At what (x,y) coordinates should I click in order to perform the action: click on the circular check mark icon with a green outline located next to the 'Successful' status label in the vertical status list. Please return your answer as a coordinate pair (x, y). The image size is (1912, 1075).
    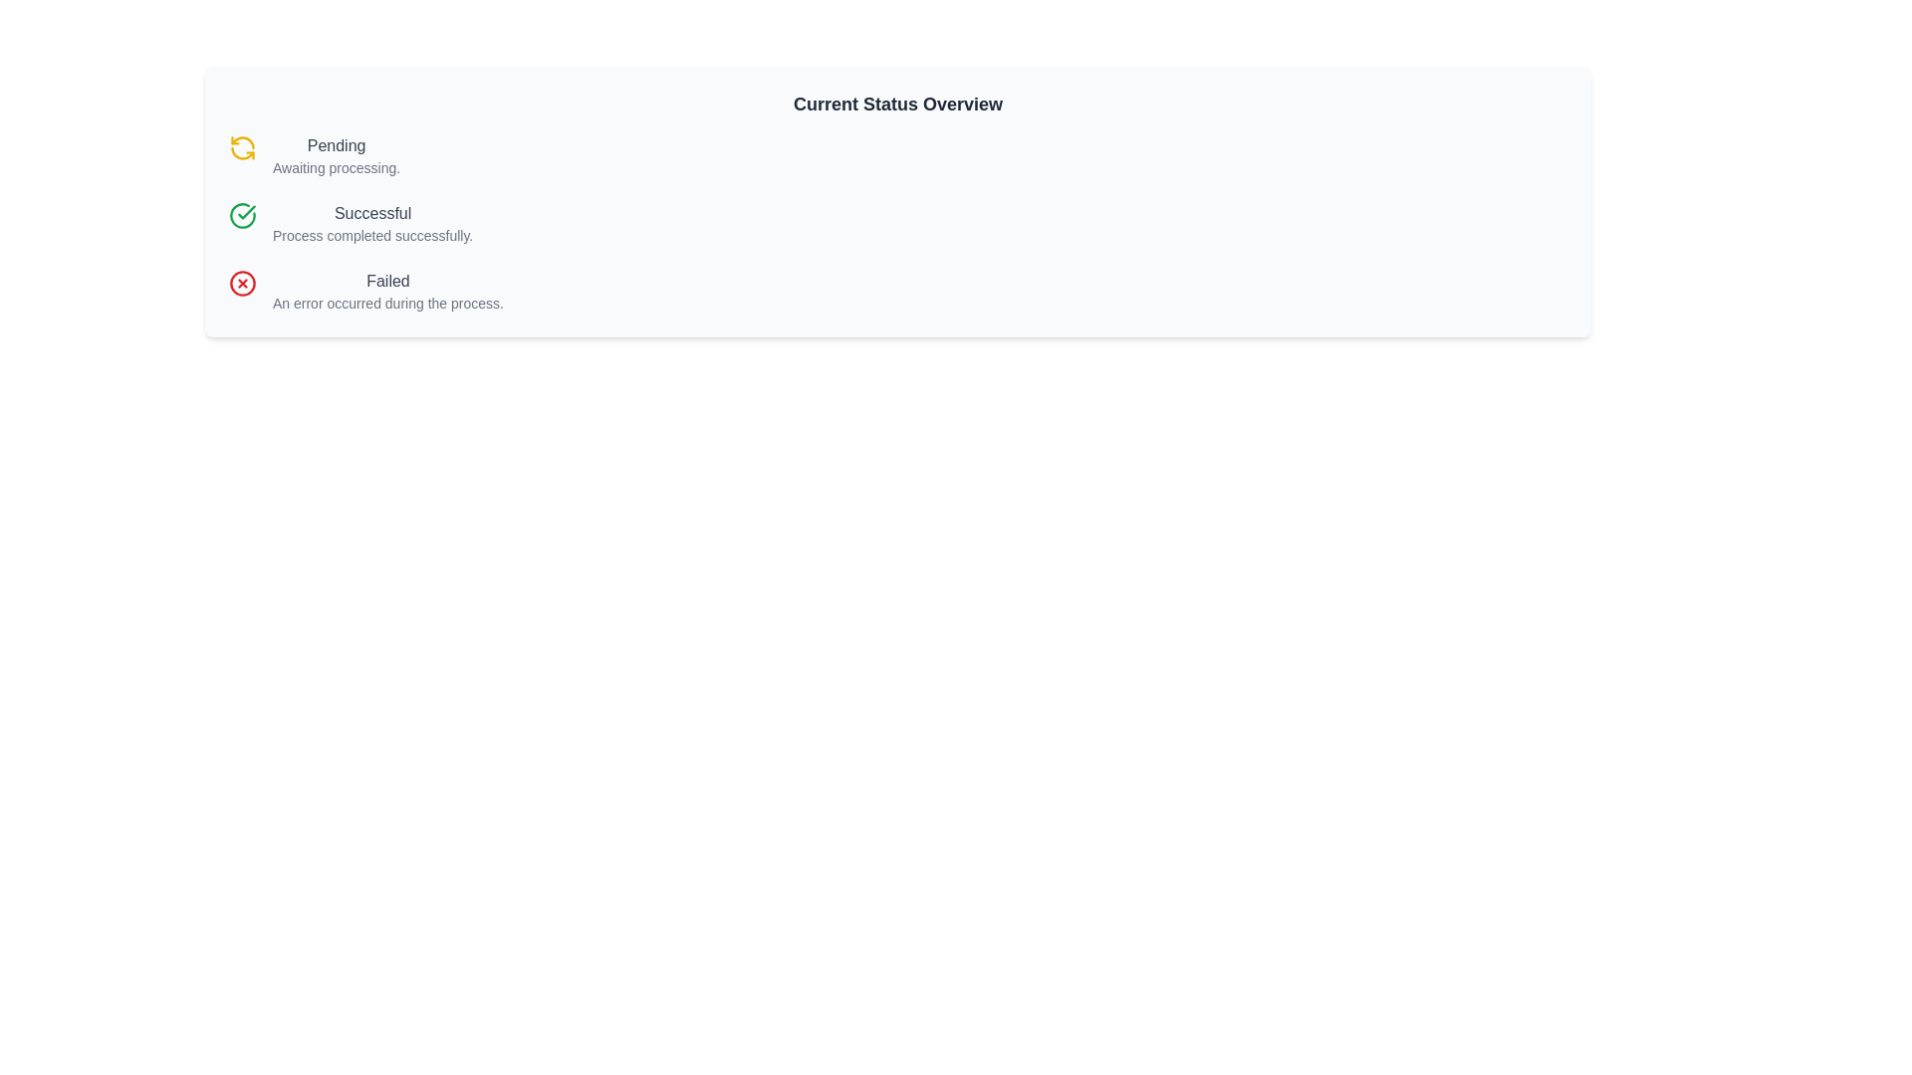
    Looking at the image, I should click on (242, 215).